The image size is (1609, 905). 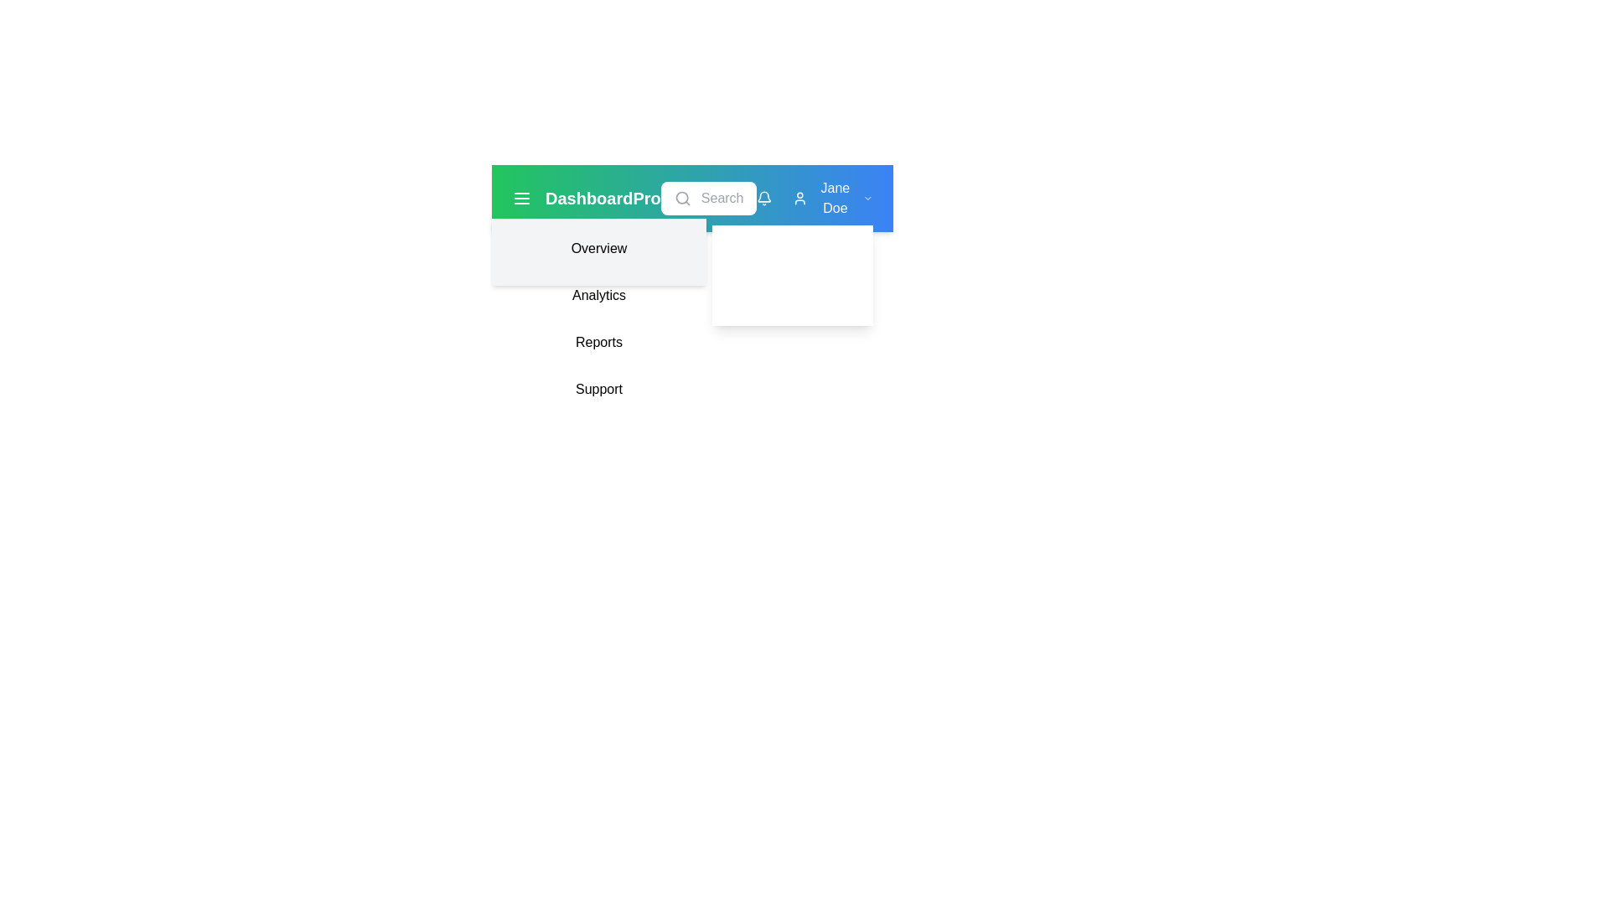 What do you see at coordinates (763, 196) in the screenshot?
I see `the bell icon located at the top-right corner of the interface, adjacent to the user profile icon in the navigation bar` at bounding box center [763, 196].